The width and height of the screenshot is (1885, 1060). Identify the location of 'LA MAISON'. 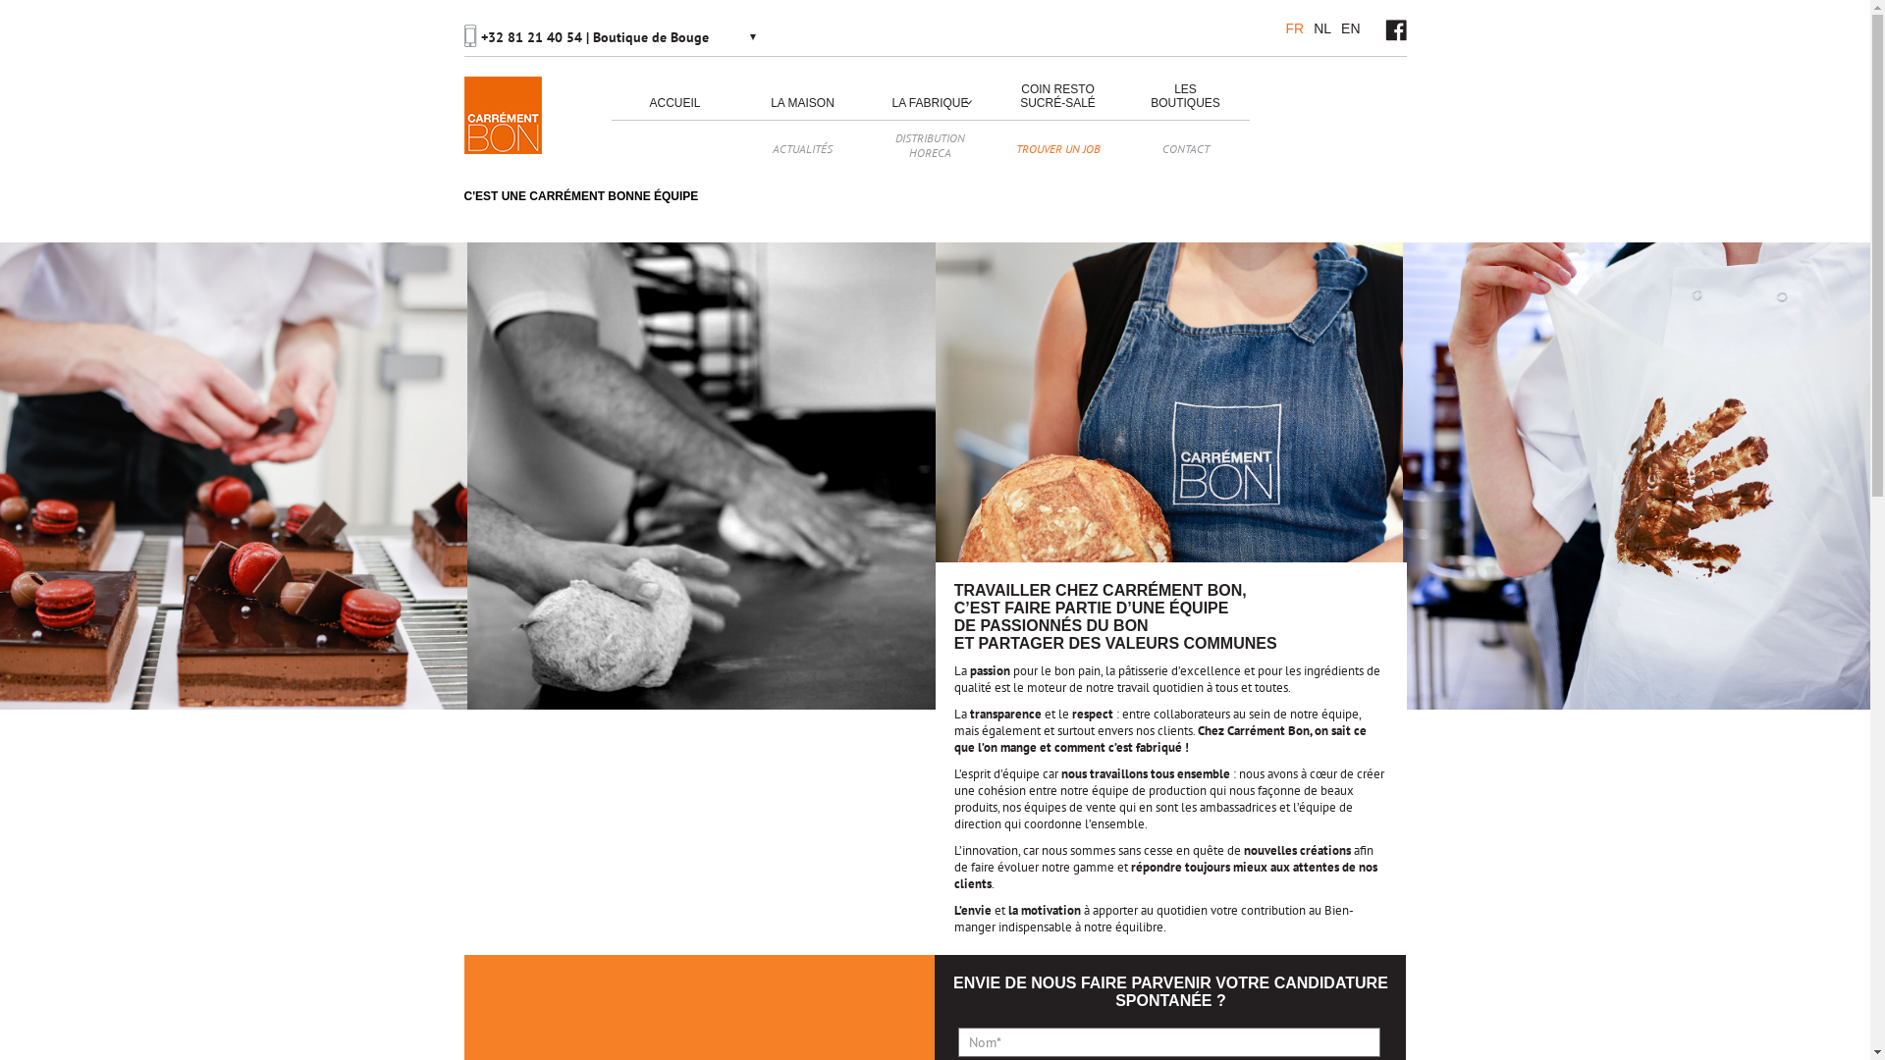
(801, 98).